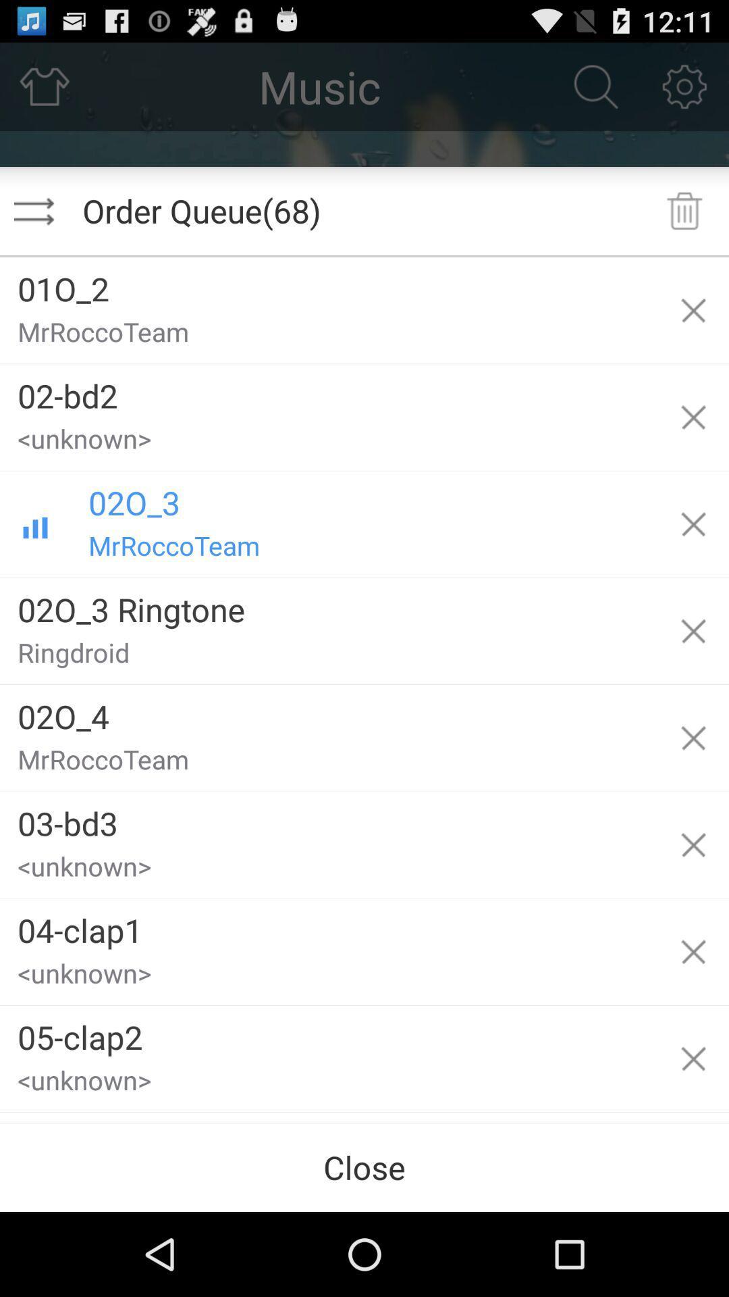  Describe the element at coordinates (329, 283) in the screenshot. I see `01o_2 app` at that location.